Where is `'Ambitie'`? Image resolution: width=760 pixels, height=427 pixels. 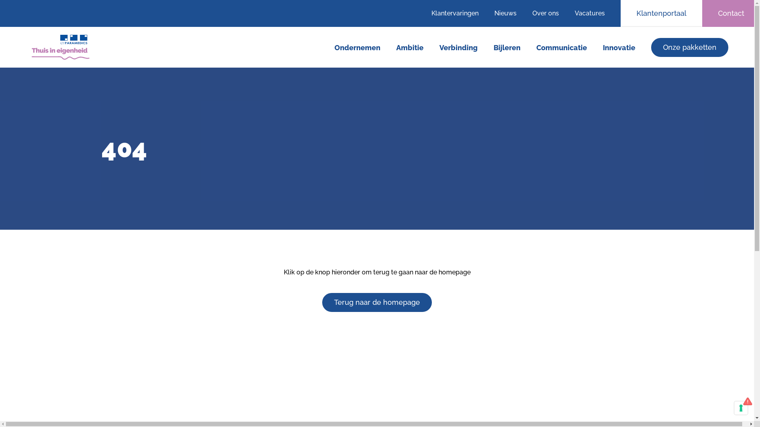 'Ambitie' is located at coordinates (410, 47).